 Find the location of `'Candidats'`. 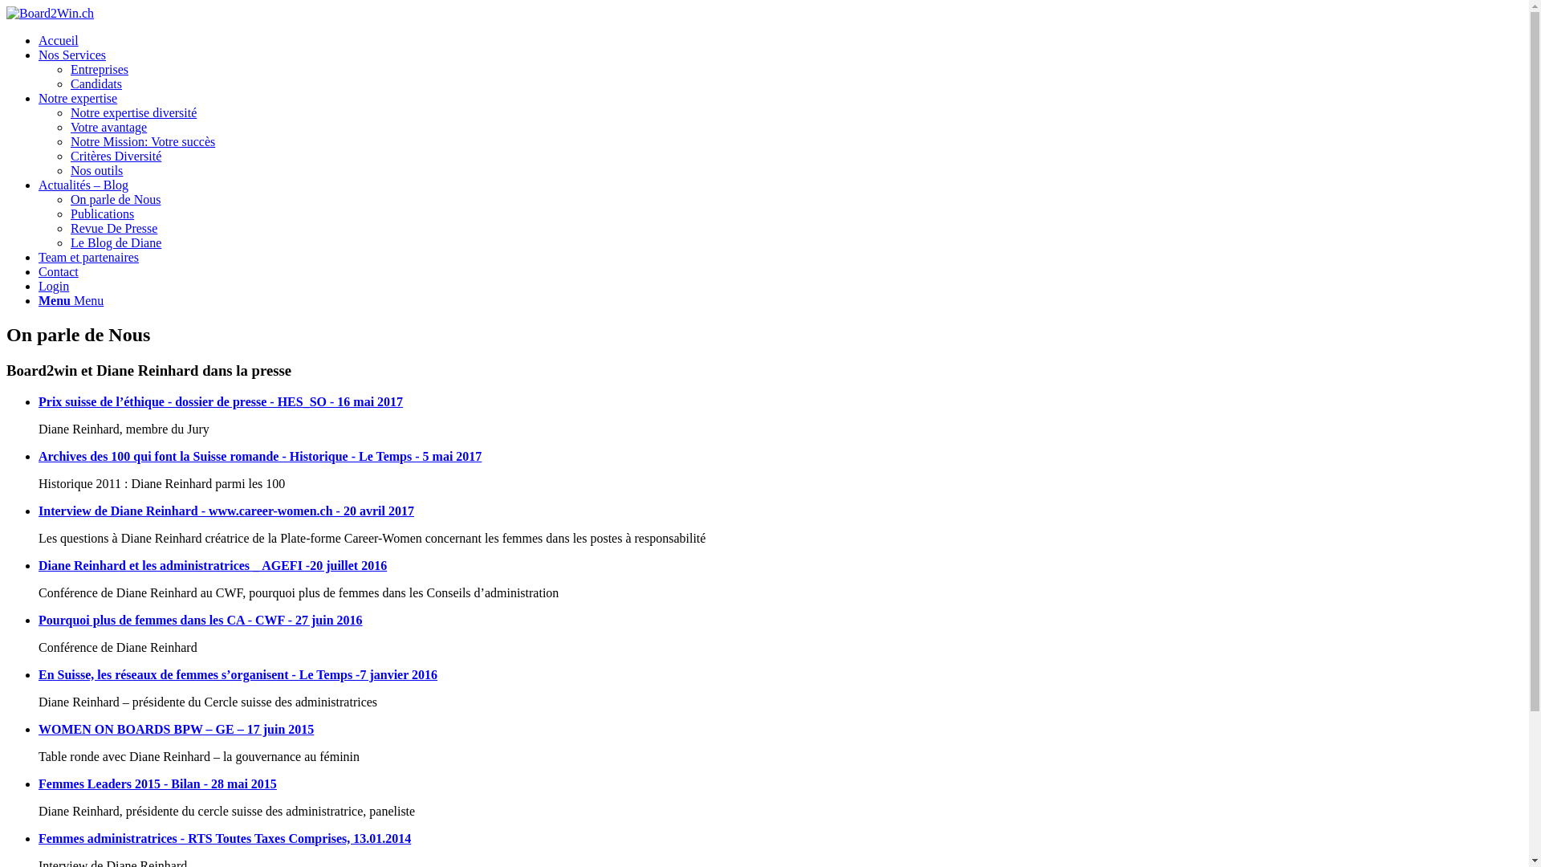

'Candidats' is located at coordinates (69, 83).